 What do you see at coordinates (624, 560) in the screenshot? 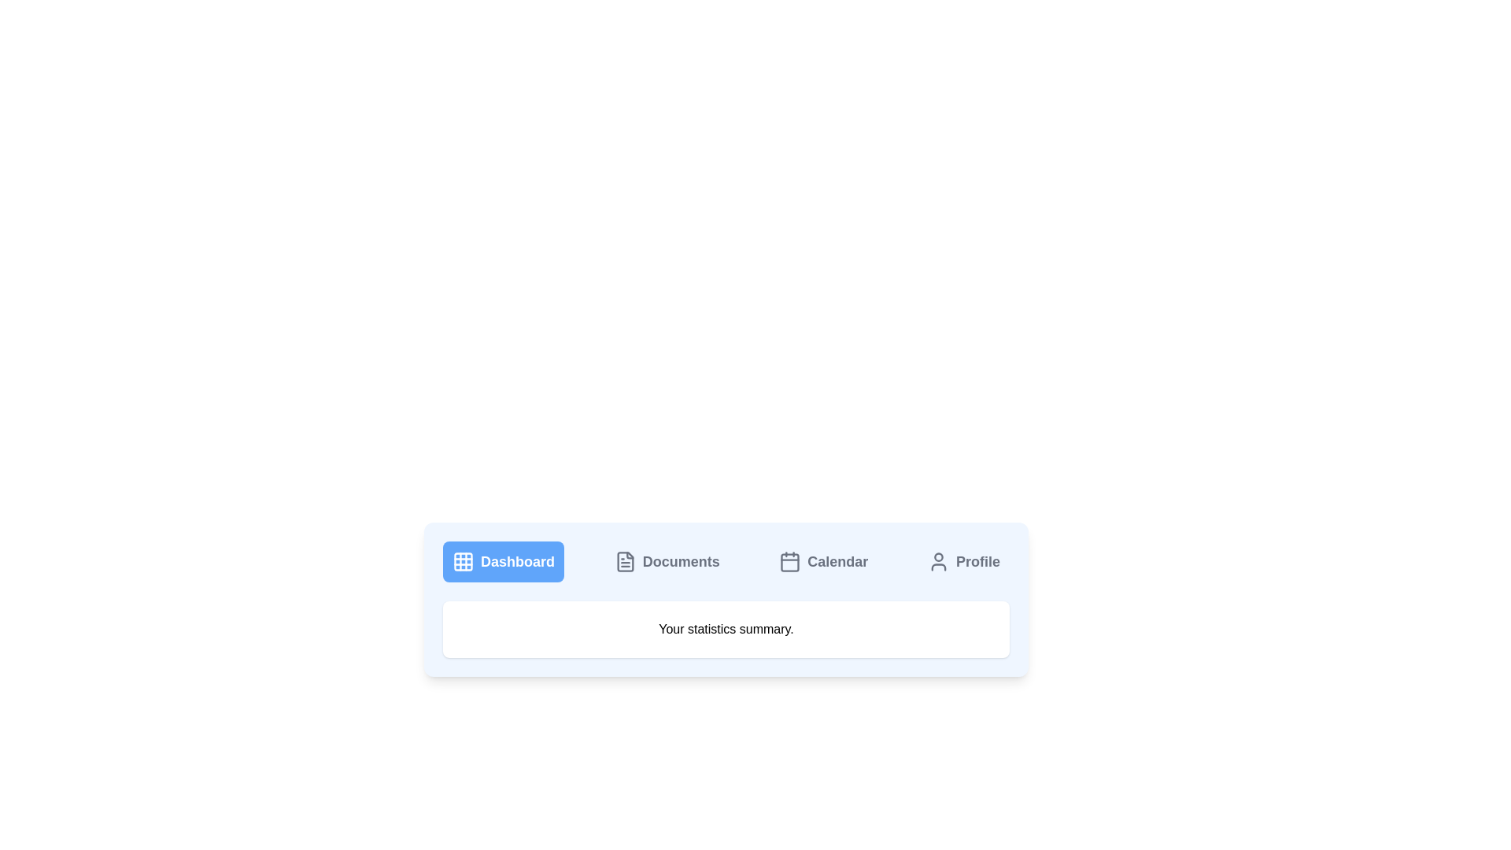
I see `the details of the document icon, which is a graphical representation with a folded corner, located second from the left in the navigation menu` at bounding box center [624, 560].